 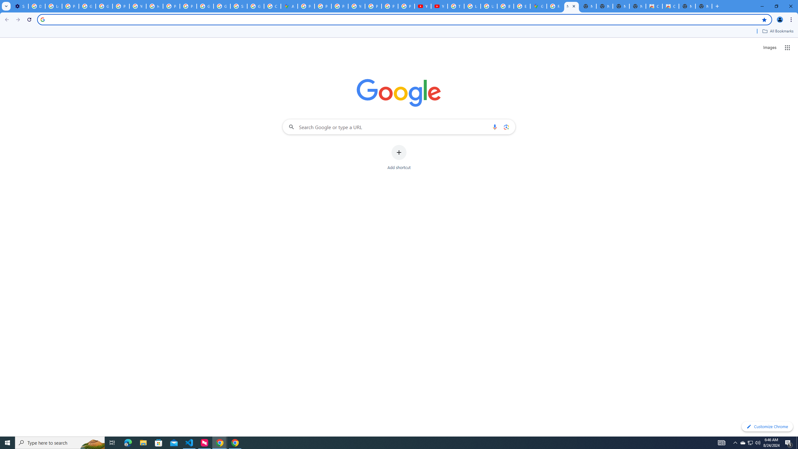 What do you see at coordinates (238, 6) in the screenshot?
I see `'Sign in - Google Accounts'` at bounding box center [238, 6].